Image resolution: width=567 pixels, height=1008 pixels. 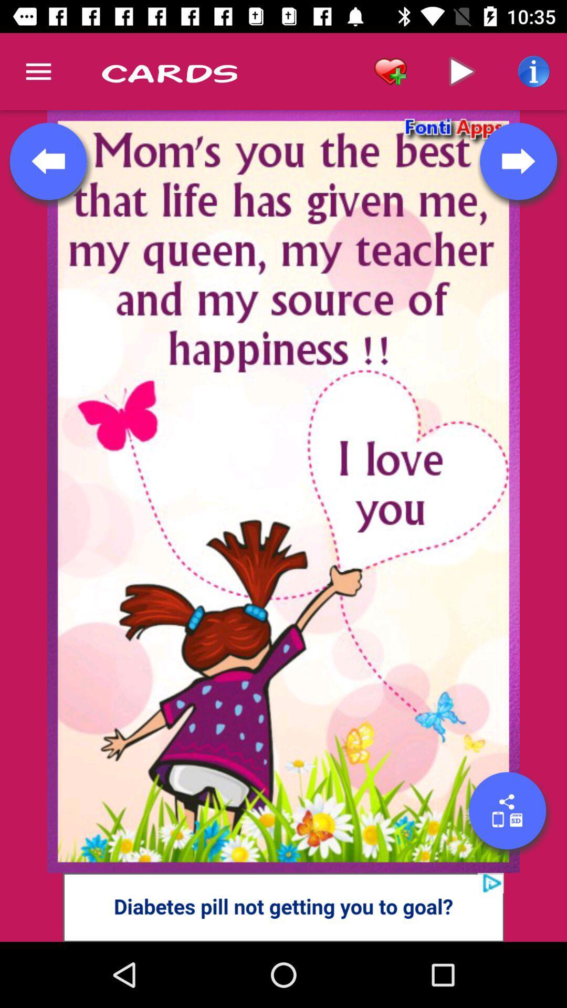 I want to click on next option, so click(x=518, y=161).